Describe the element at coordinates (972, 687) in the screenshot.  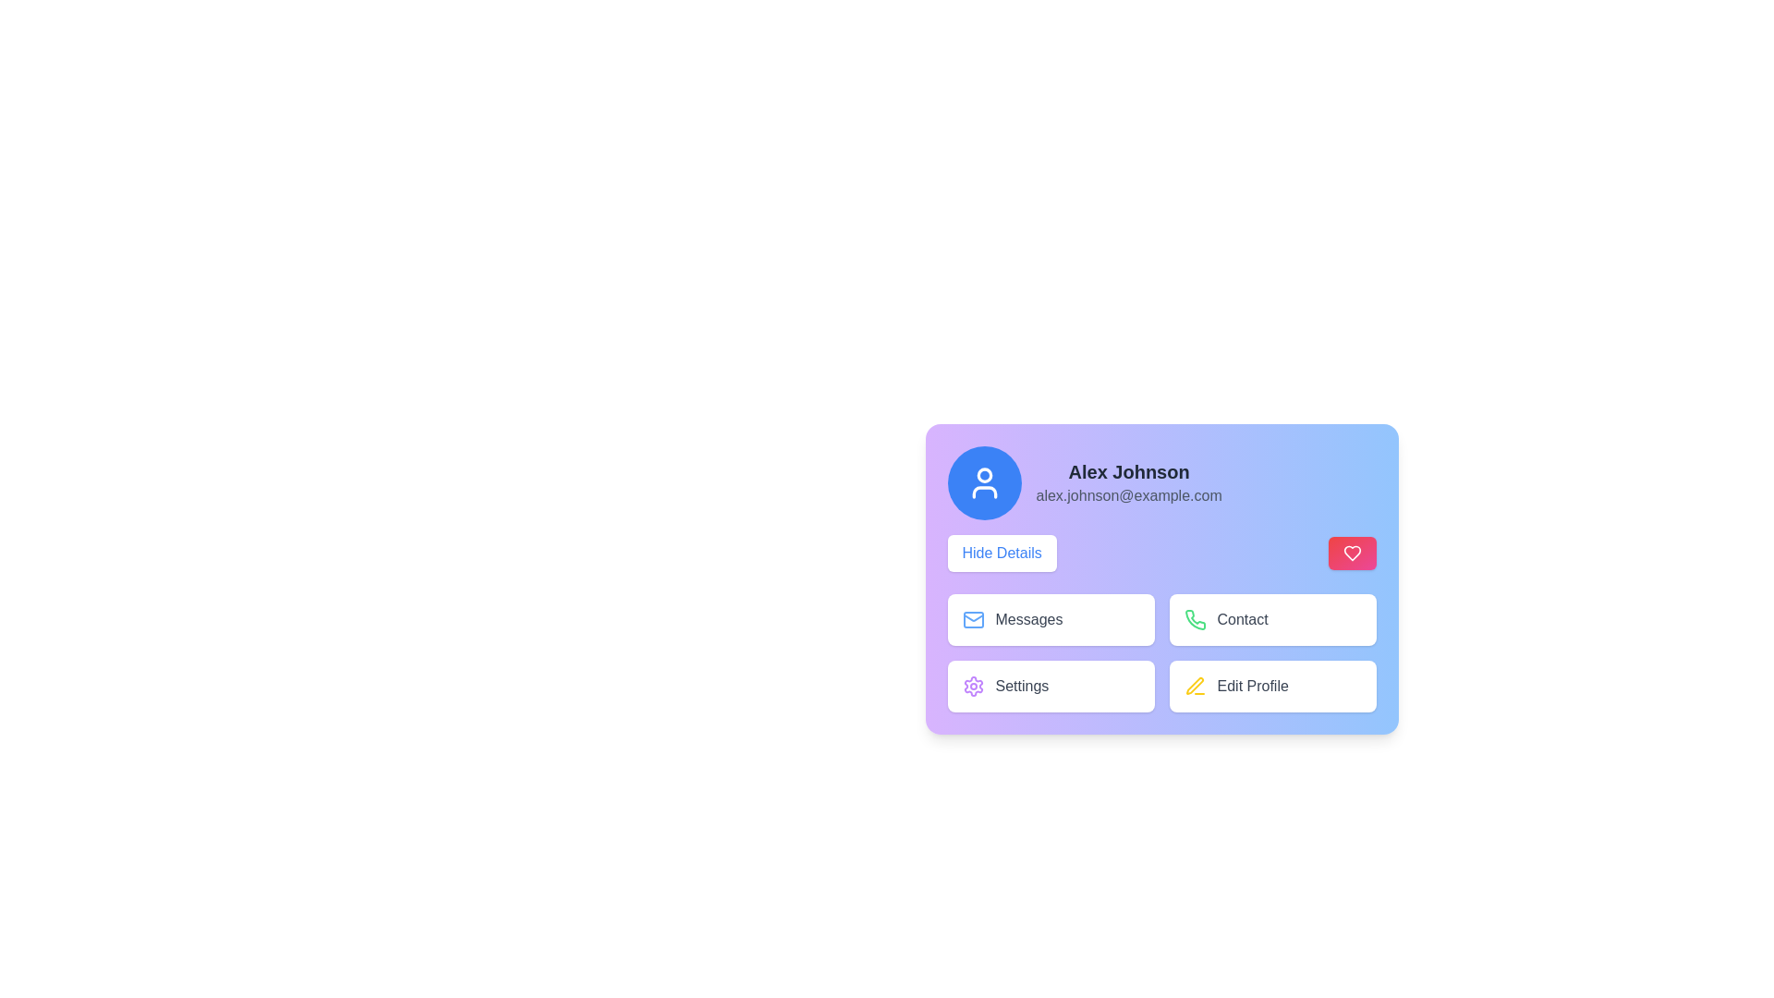
I see `the purple cogwheel icon` at that location.